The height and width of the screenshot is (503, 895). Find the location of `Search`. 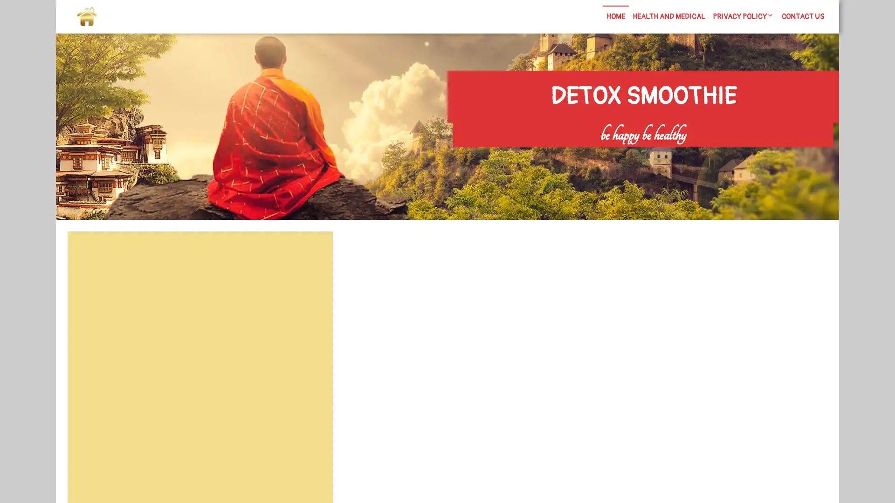

Search is located at coordinates (311, 254).